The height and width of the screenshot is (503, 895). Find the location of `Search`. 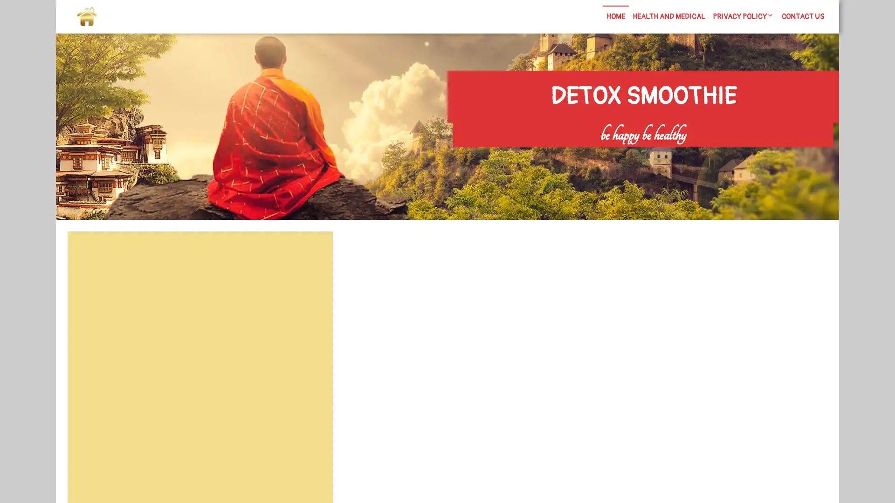

Search is located at coordinates (311, 254).